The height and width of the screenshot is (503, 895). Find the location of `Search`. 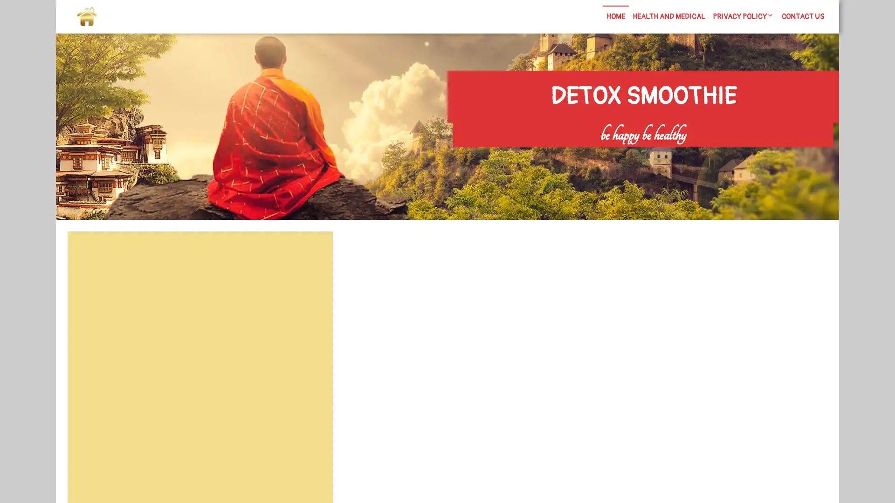

Search is located at coordinates (311, 254).